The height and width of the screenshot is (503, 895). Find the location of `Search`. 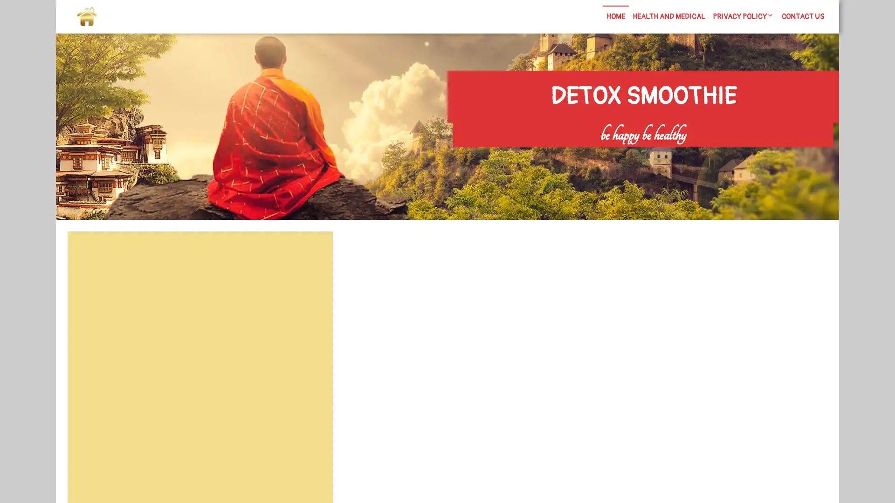

Search is located at coordinates (311, 254).